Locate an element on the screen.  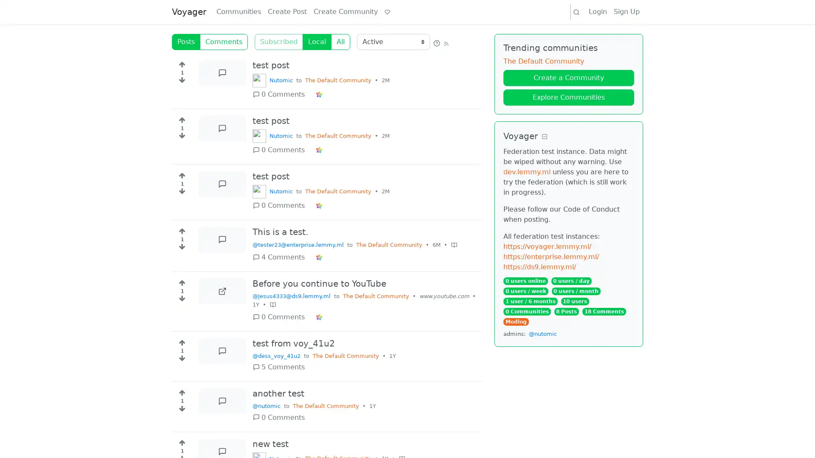
0 Comments is located at coordinates (281, 206).